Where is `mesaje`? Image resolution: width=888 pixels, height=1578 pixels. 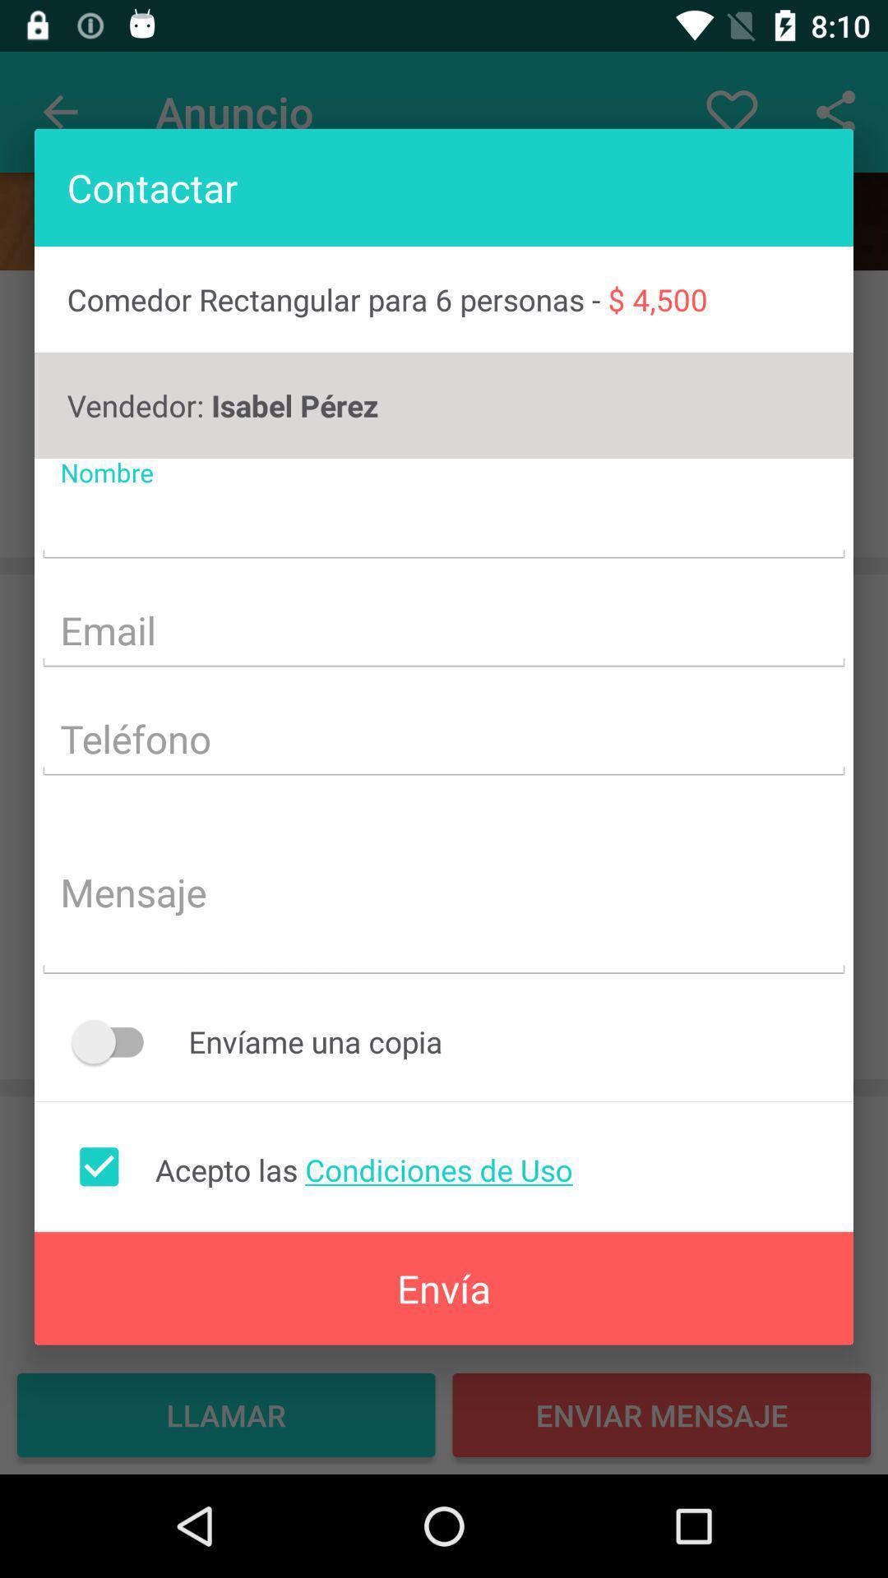 mesaje is located at coordinates (444, 894).